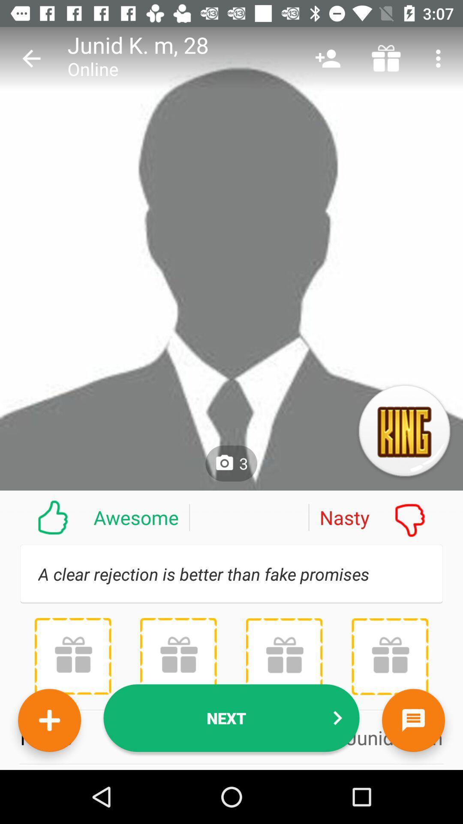 The image size is (463, 824). I want to click on the awesome item, so click(95, 517).